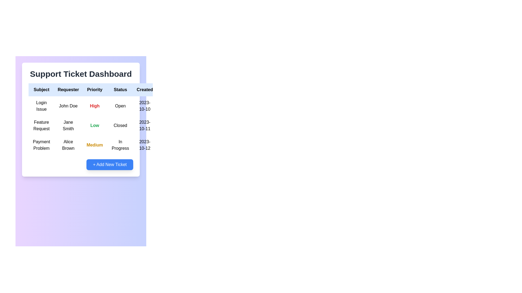  What do you see at coordinates (109, 164) in the screenshot?
I see `the button labeled '+ Add New Ticket', which has a blue background and white text, to observe its hover state` at bounding box center [109, 164].